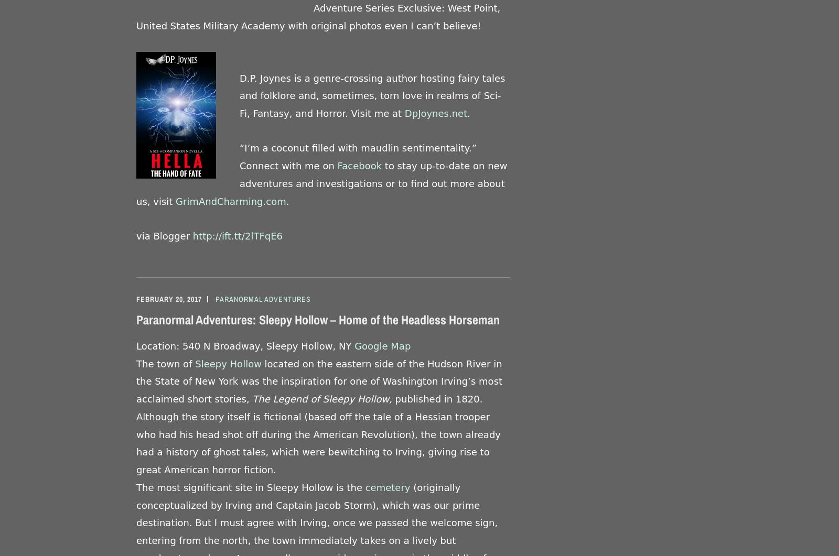  What do you see at coordinates (195, 363) in the screenshot?
I see `'Sleepy Hollow'` at bounding box center [195, 363].